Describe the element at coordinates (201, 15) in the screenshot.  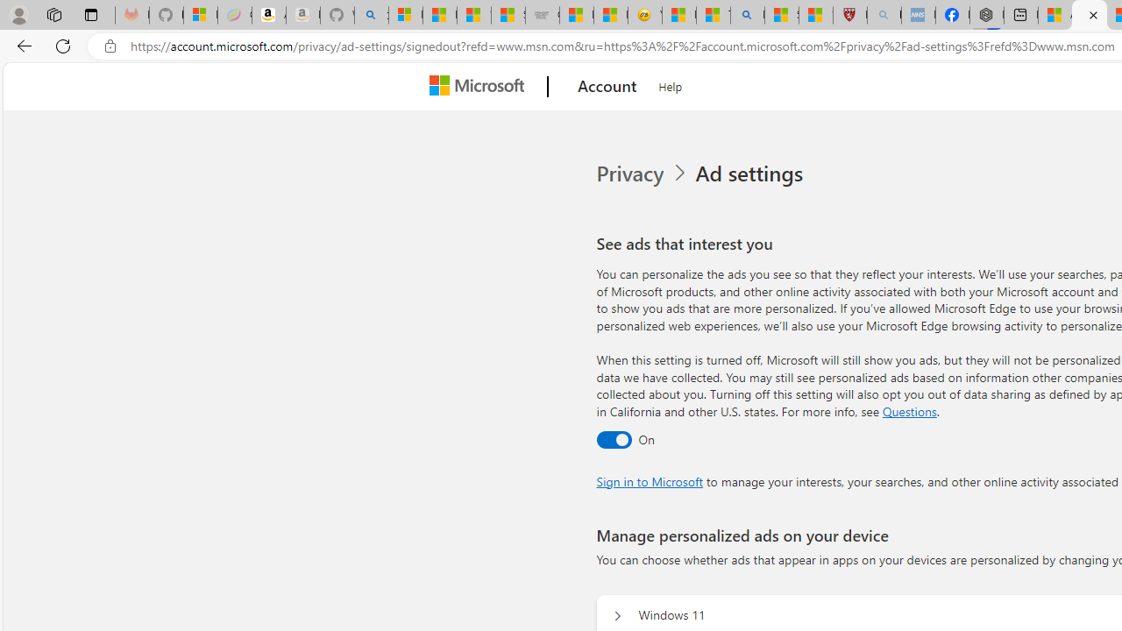
I see `'Microsoft-Report a Concern to Bing'` at that location.